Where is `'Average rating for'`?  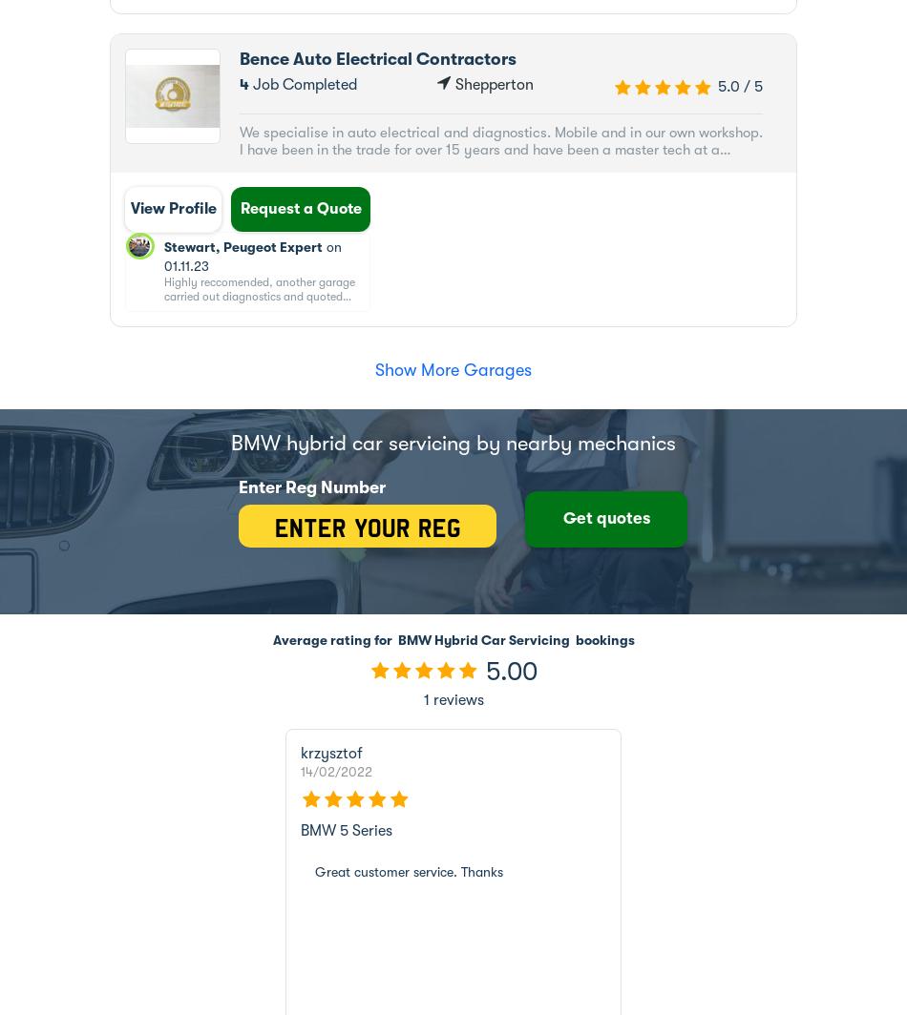 'Average rating for' is located at coordinates (333, 639).